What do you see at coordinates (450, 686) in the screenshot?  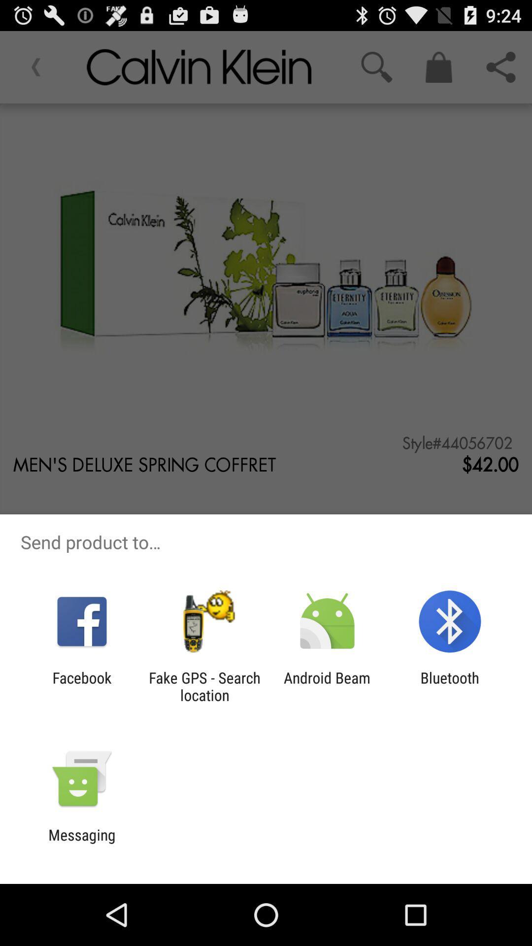 I see `icon to the right of android beam app` at bounding box center [450, 686].